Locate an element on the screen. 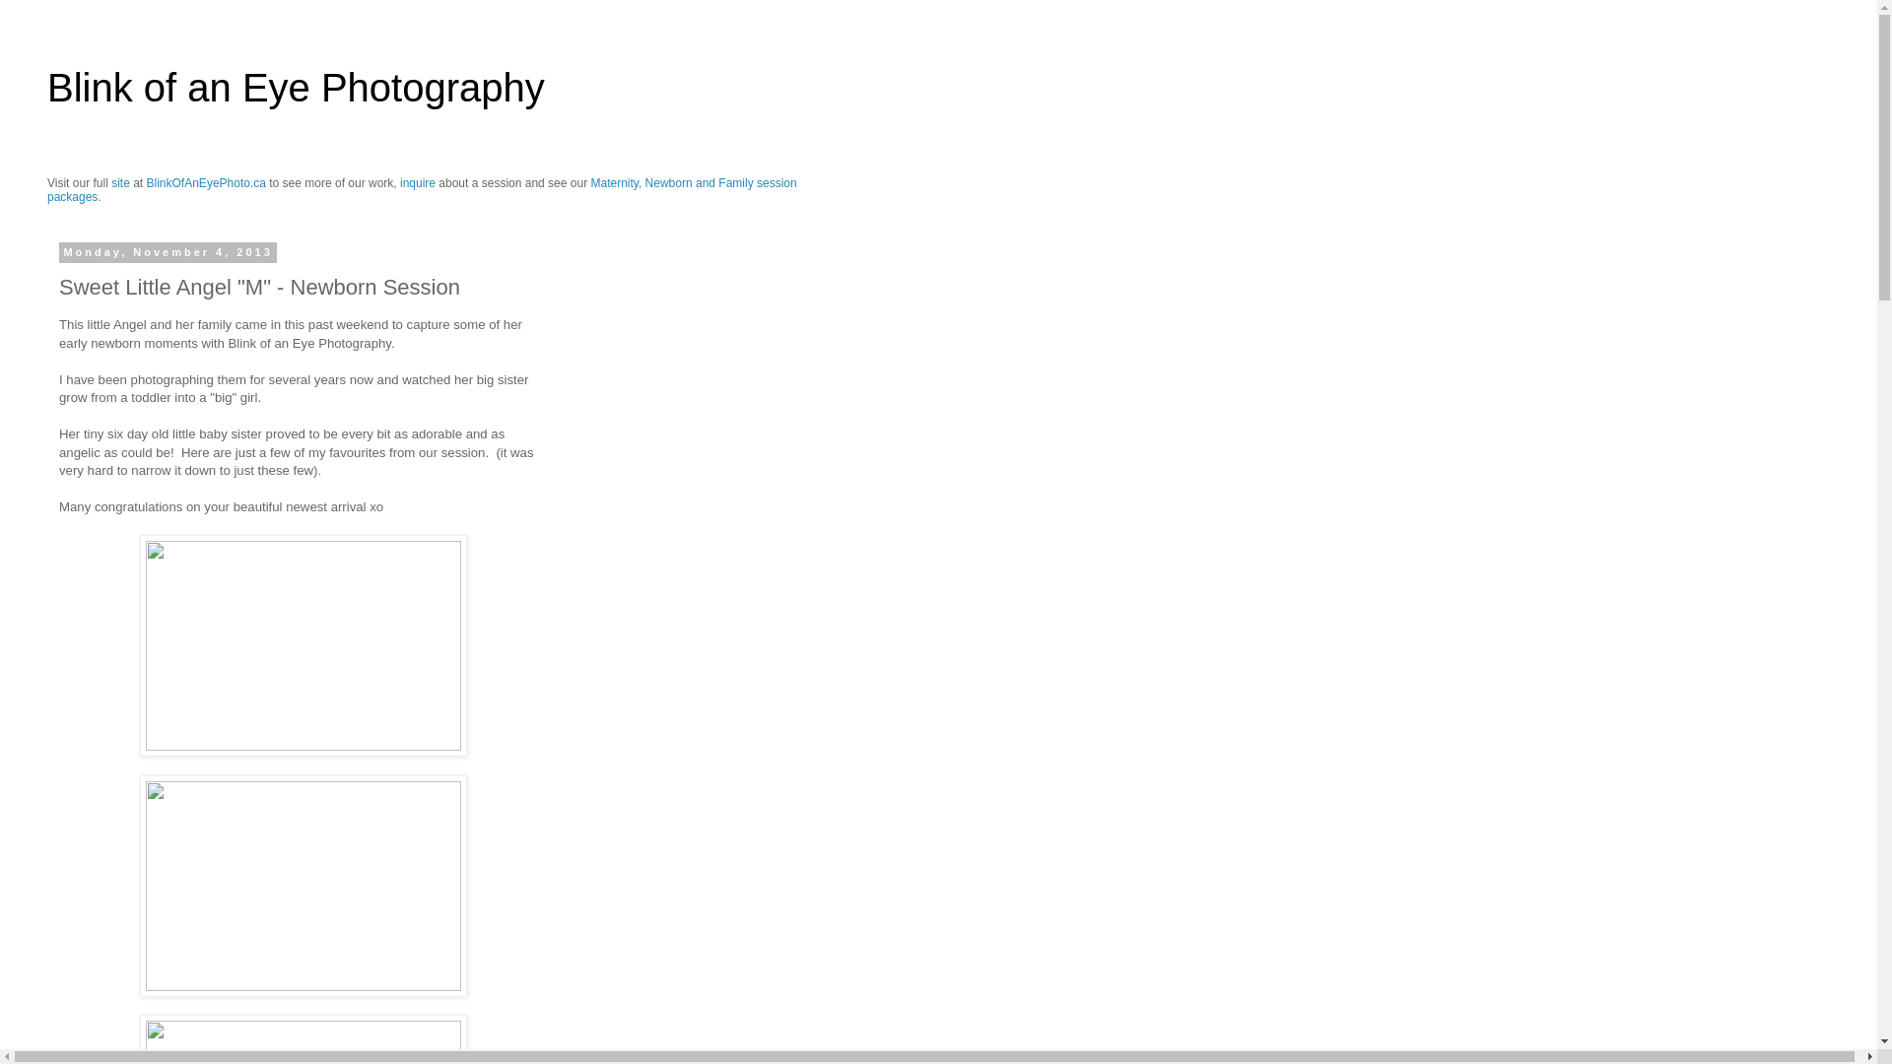  'Blink of an Eye Photography' is located at coordinates (295, 86).